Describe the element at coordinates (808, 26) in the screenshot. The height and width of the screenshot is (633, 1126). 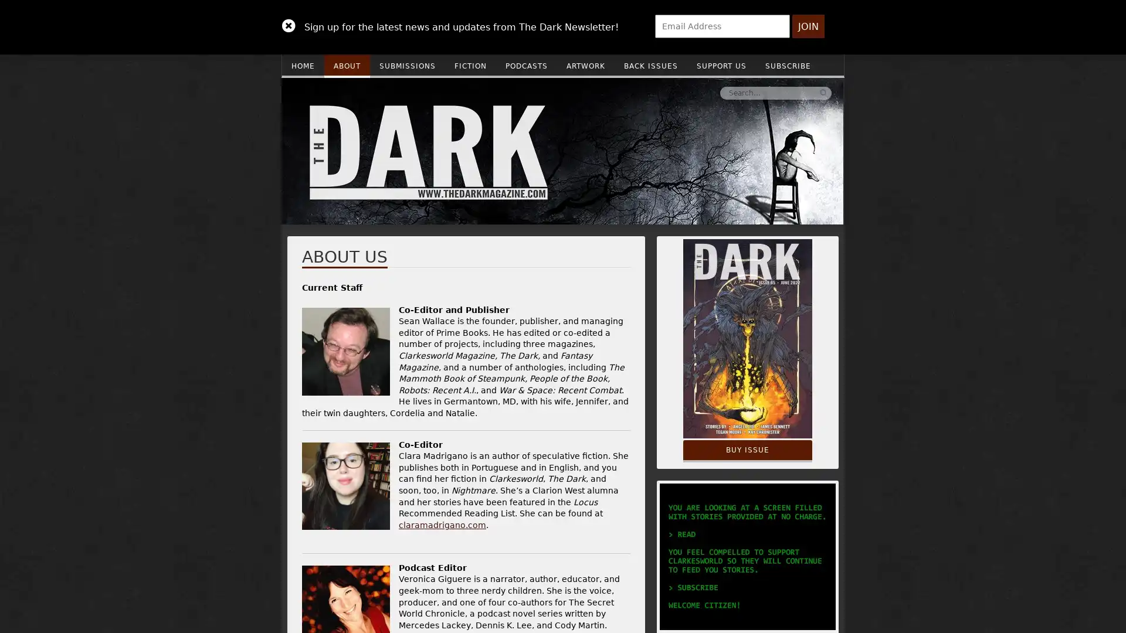
I see `Join` at that location.